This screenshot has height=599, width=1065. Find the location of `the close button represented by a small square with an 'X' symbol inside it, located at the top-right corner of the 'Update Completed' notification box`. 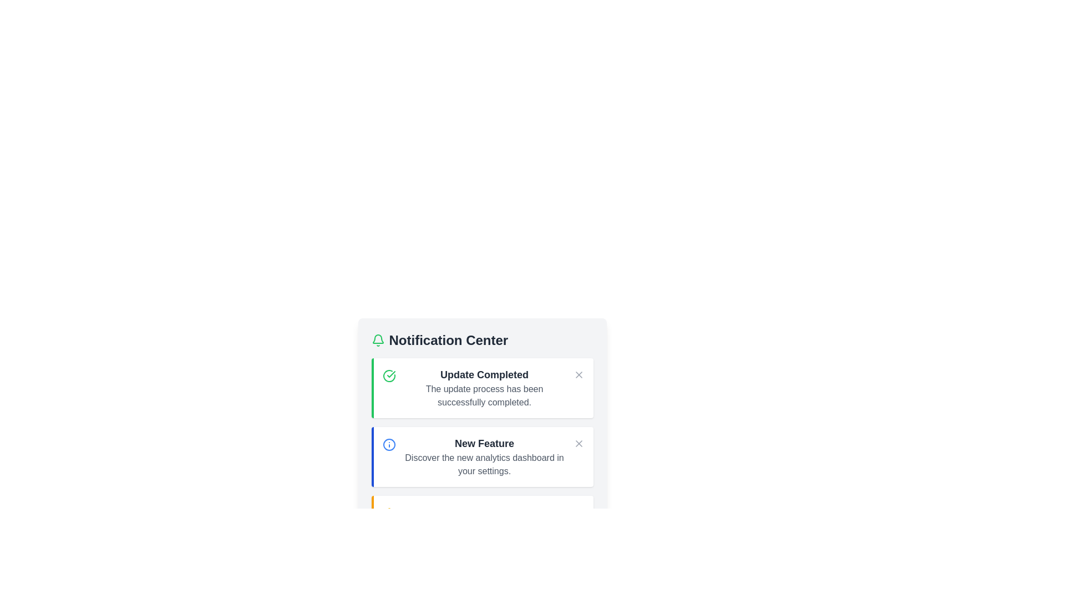

the close button represented by a small square with an 'X' symbol inside it, located at the top-right corner of the 'Update Completed' notification box is located at coordinates (578, 374).